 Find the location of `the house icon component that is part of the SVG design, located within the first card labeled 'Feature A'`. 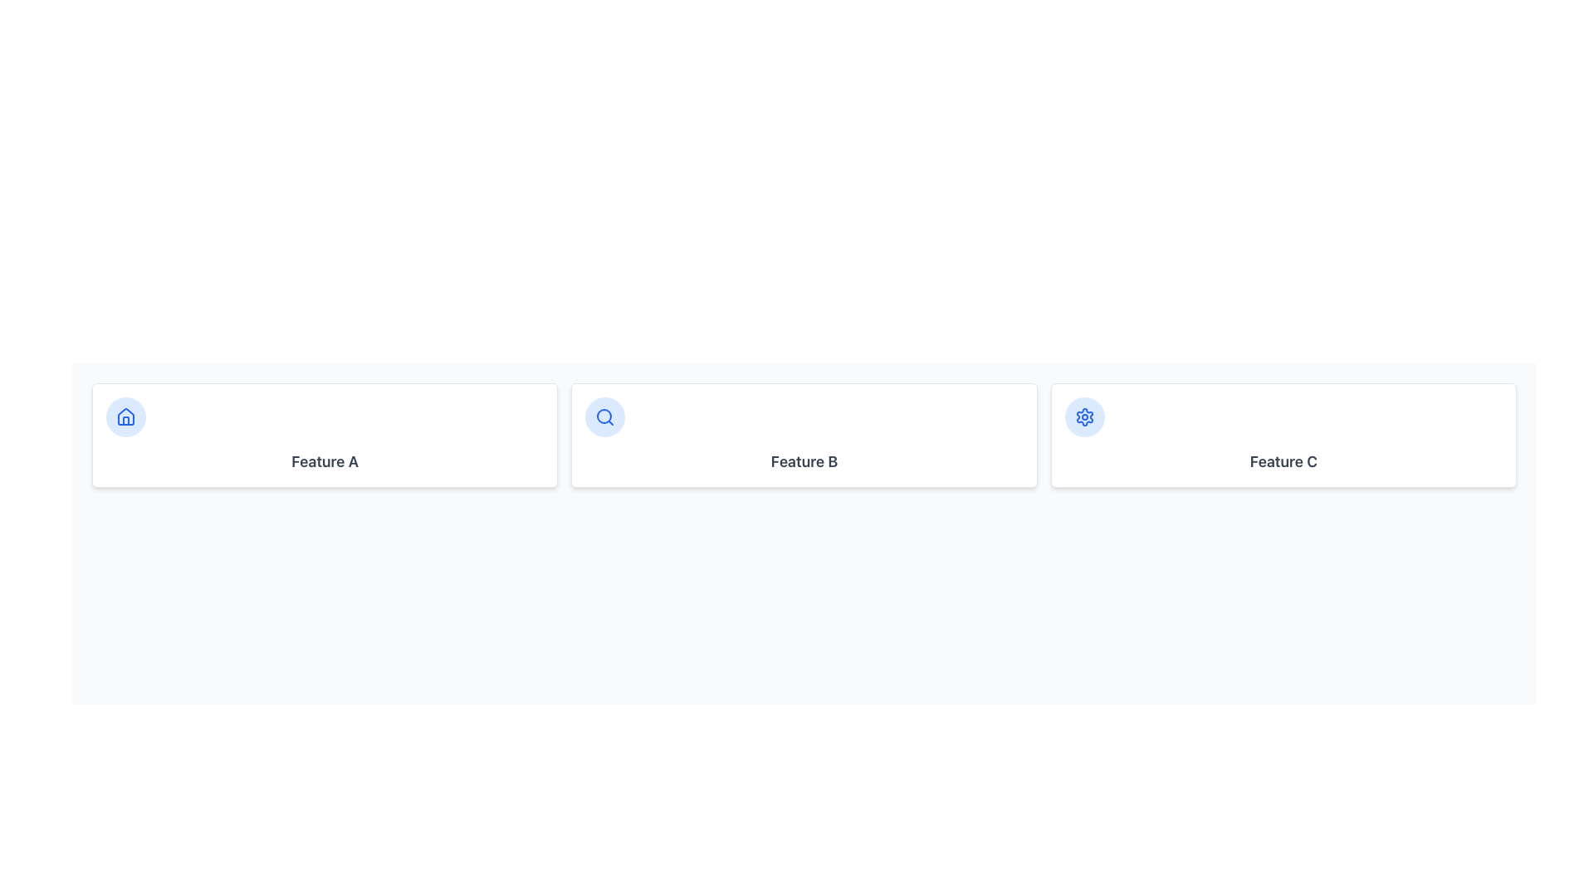

the house icon component that is part of the SVG design, located within the first card labeled 'Feature A' is located at coordinates (125, 415).